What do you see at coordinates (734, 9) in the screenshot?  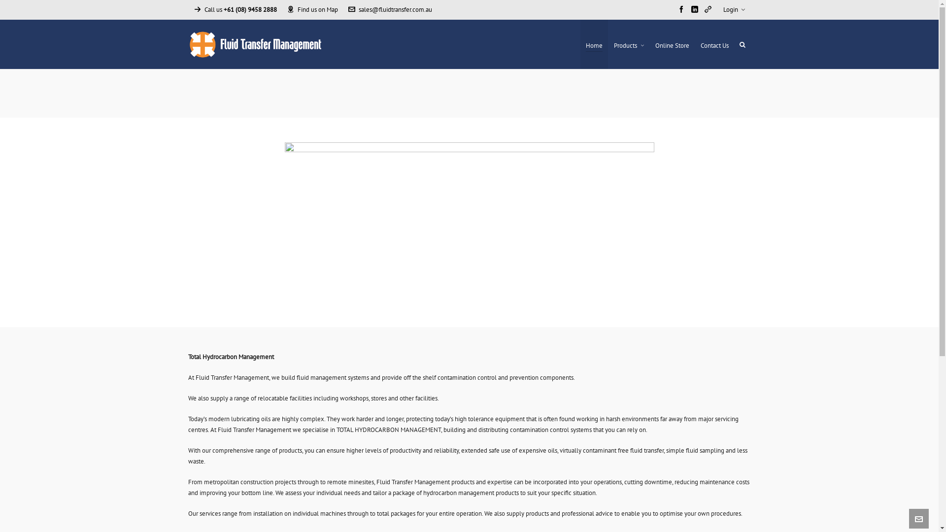 I see `'Login'` at bounding box center [734, 9].